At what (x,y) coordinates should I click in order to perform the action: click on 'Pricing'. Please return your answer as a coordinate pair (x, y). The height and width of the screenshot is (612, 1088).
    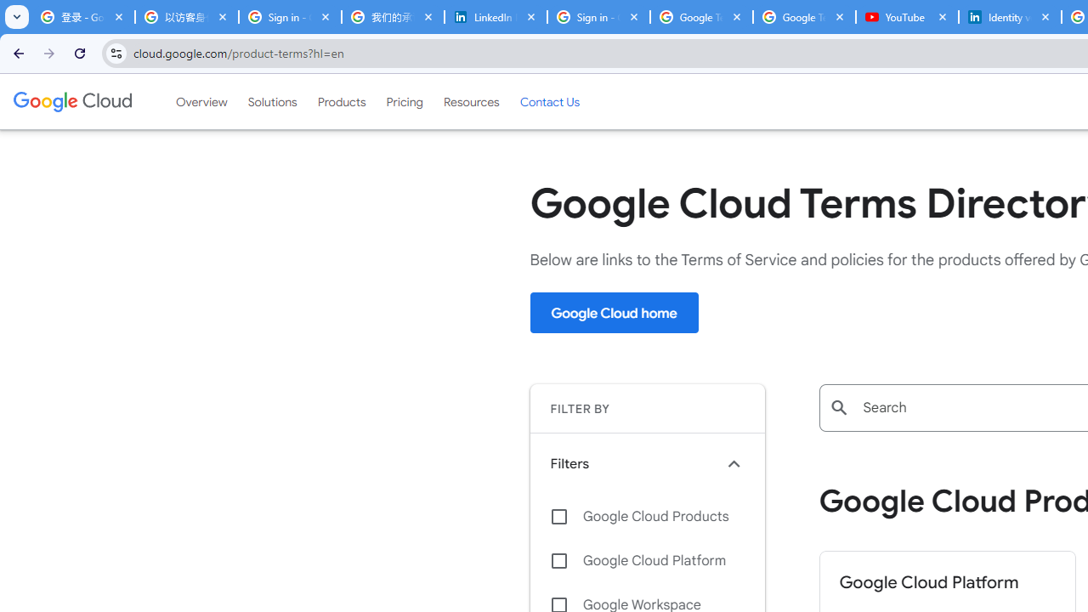
    Looking at the image, I should click on (404, 101).